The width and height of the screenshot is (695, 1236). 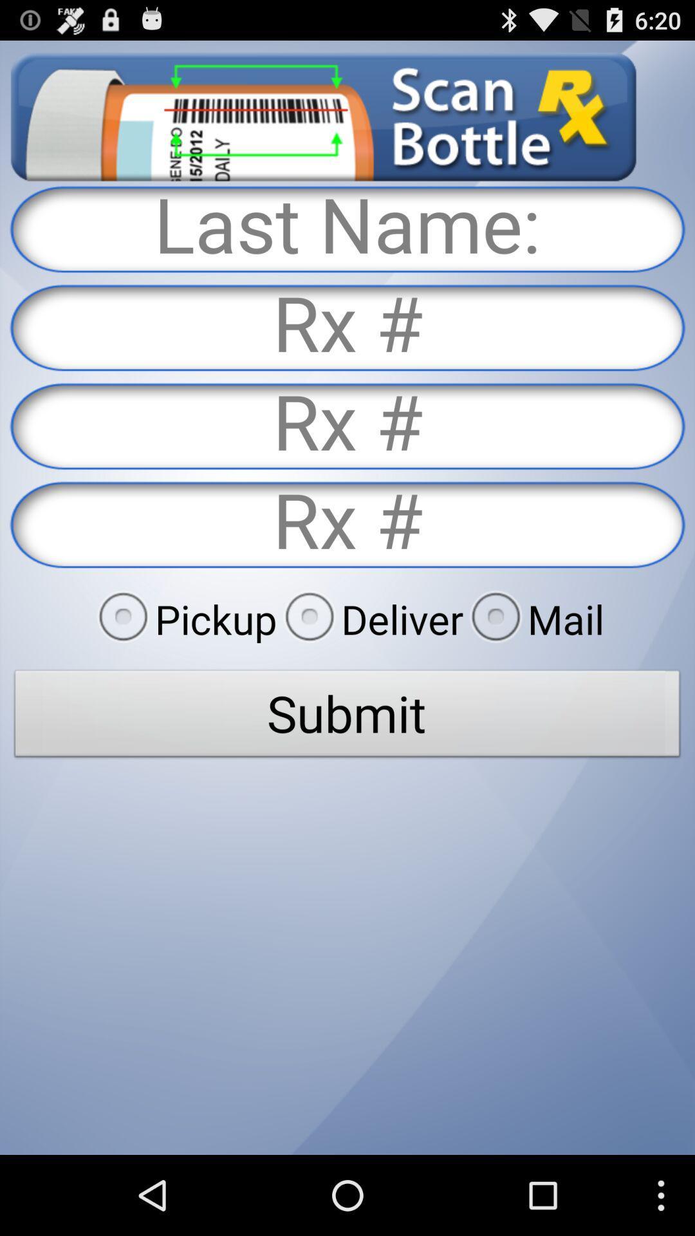 I want to click on item to the left of the deliver radio button, so click(x=183, y=619).